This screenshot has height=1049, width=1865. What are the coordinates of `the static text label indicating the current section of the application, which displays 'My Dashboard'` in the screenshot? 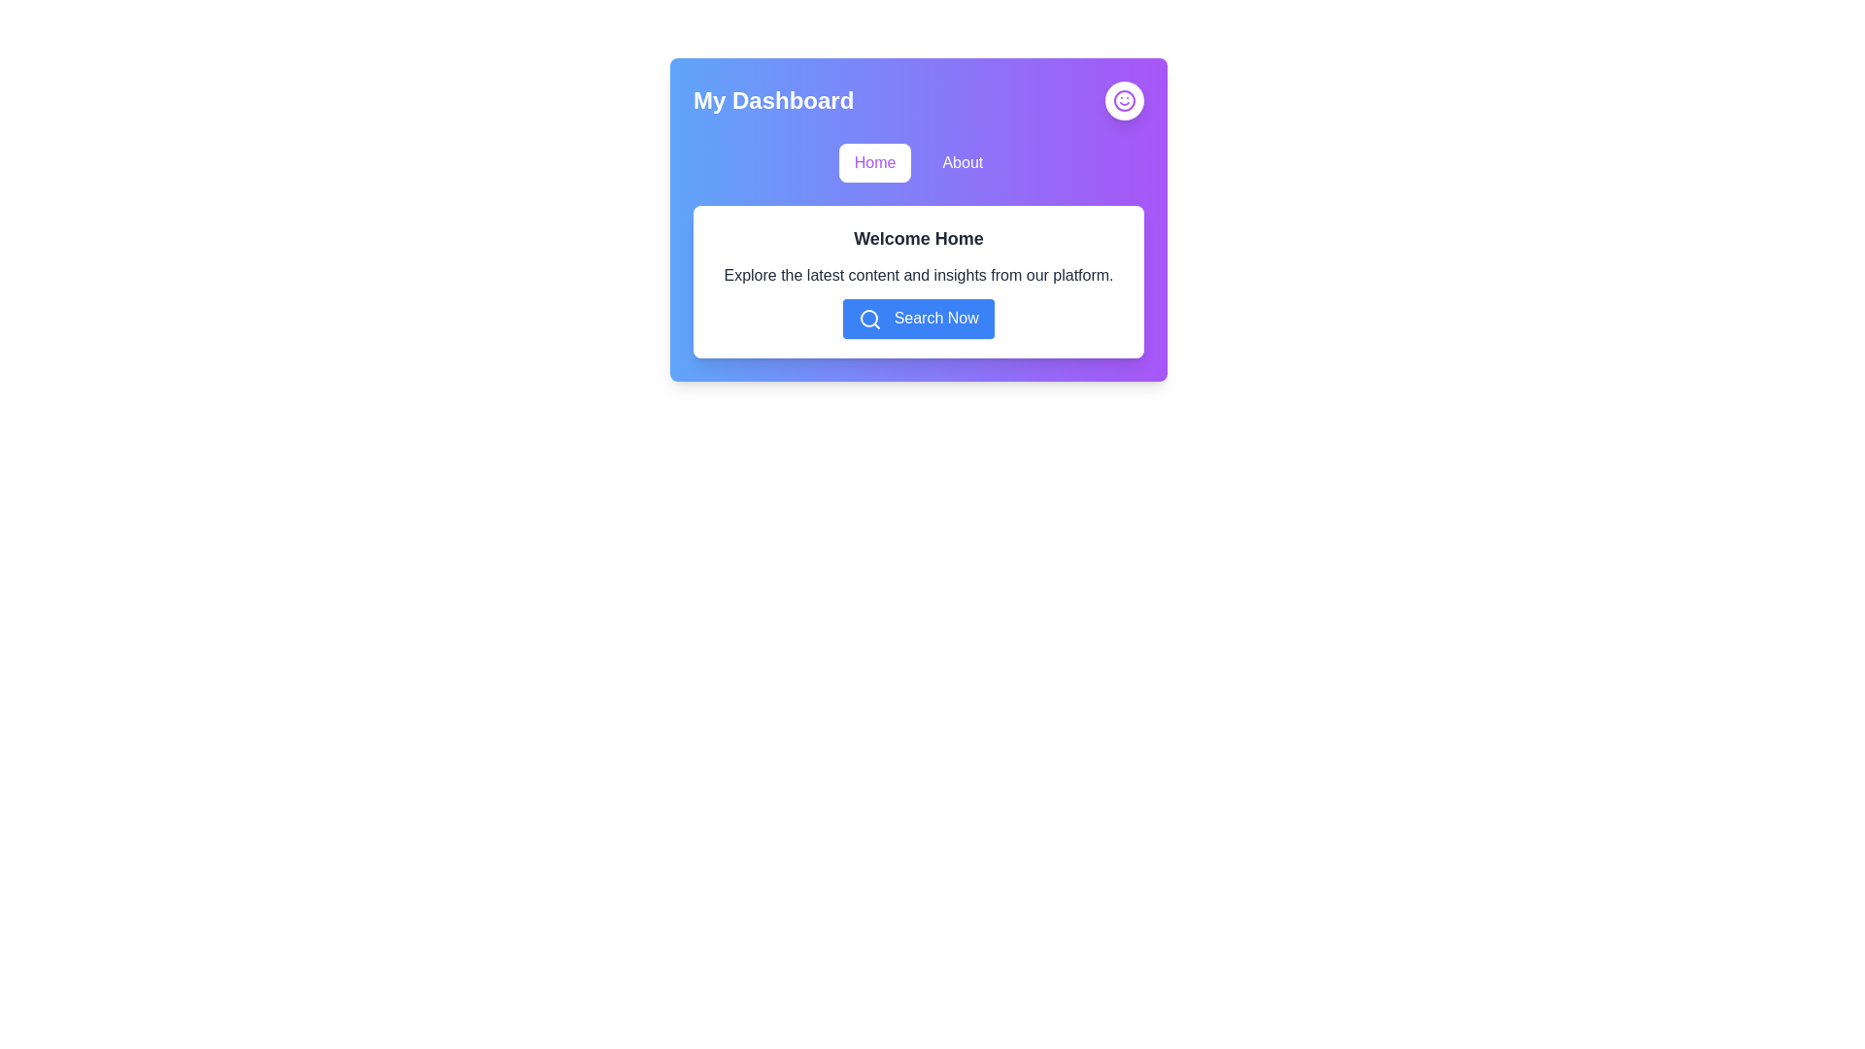 It's located at (772, 101).